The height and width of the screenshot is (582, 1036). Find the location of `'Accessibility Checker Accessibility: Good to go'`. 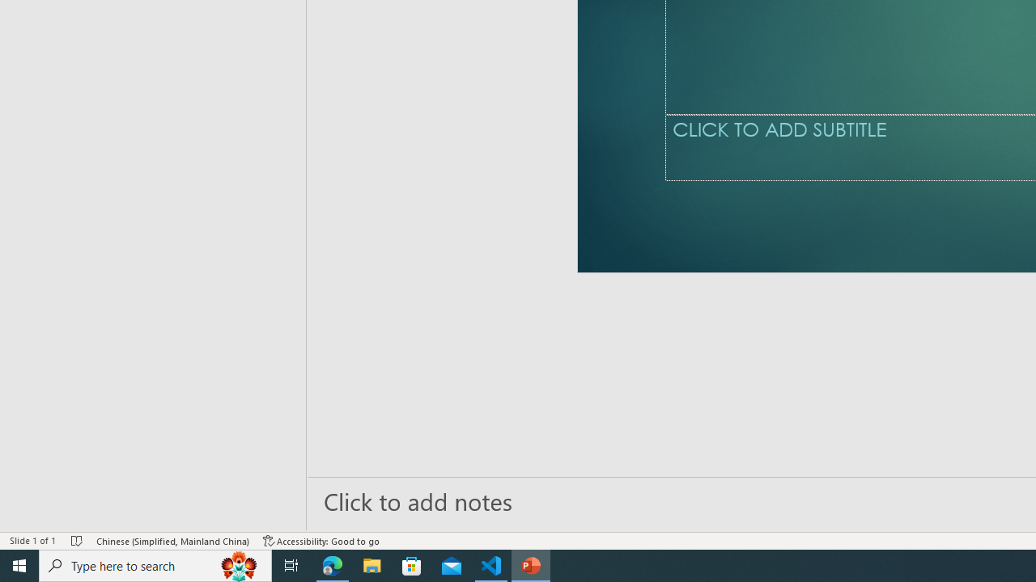

'Accessibility Checker Accessibility: Good to go' is located at coordinates (321, 541).